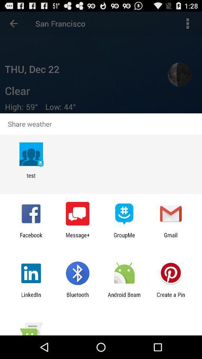 The image size is (202, 359). What do you see at coordinates (171, 298) in the screenshot?
I see `icon next to android beam item` at bounding box center [171, 298].